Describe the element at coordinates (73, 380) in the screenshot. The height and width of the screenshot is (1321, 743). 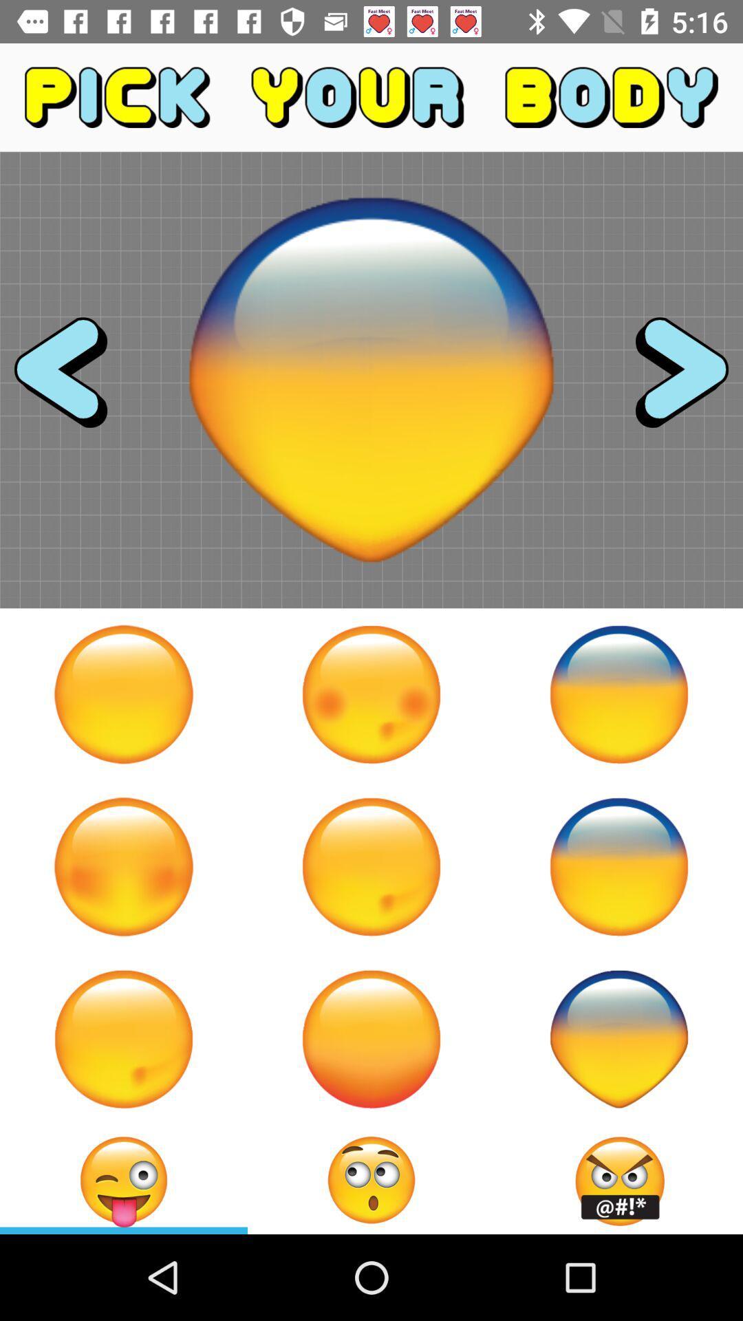
I see `item at the top left corner` at that location.